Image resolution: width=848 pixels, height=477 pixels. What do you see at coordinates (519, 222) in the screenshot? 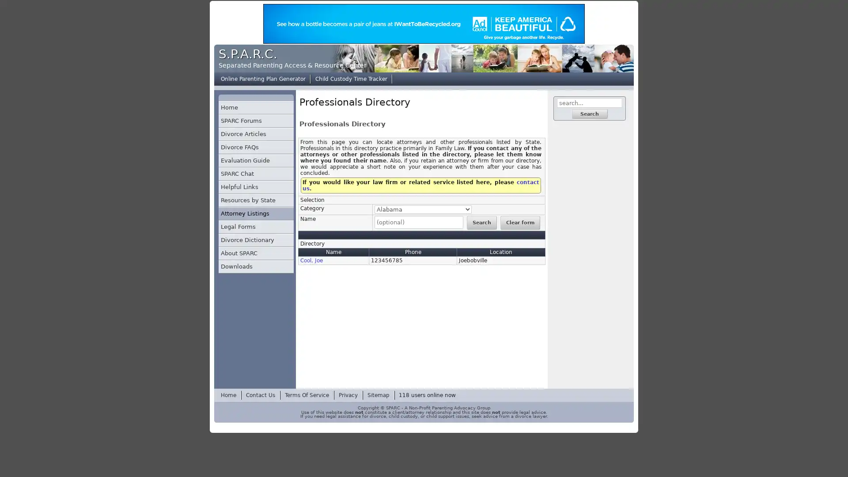
I see `Clear form` at bounding box center [519, 222].